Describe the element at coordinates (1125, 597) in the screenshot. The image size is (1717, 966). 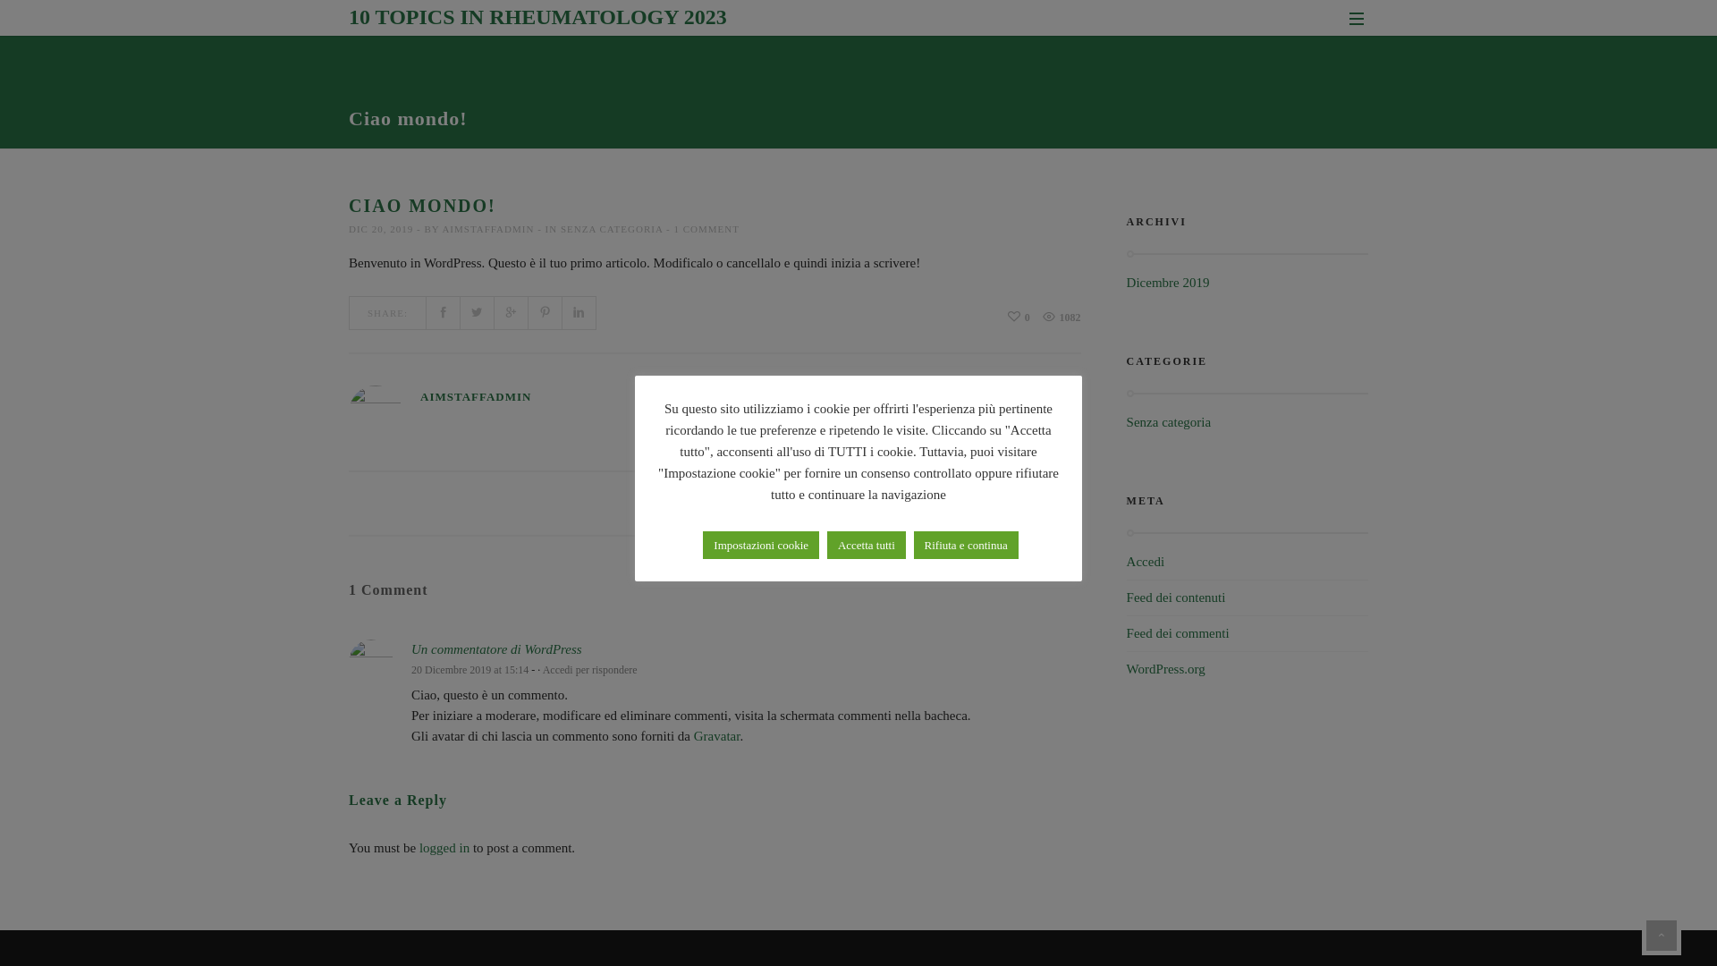
I see `'Feed dei contenuti'` at that location.